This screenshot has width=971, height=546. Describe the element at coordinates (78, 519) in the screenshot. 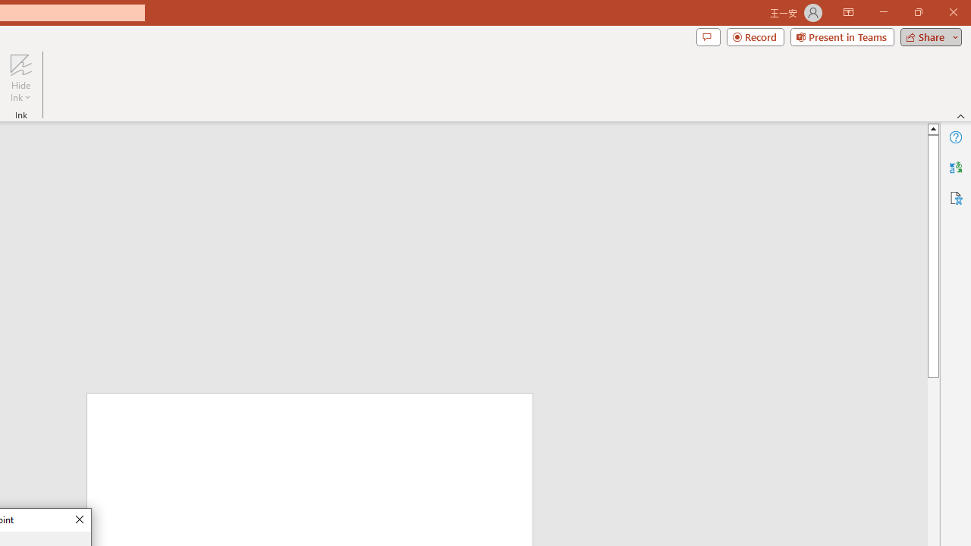

I see `'Close'` at that location.